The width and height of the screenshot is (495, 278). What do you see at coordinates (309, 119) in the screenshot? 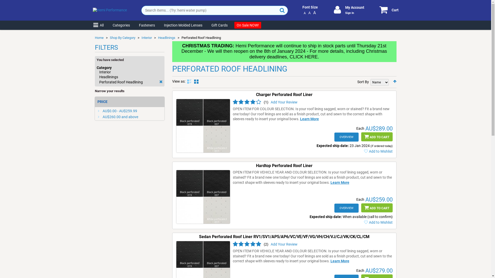
I see `'Learn More'` at bounding box center [309, 119].